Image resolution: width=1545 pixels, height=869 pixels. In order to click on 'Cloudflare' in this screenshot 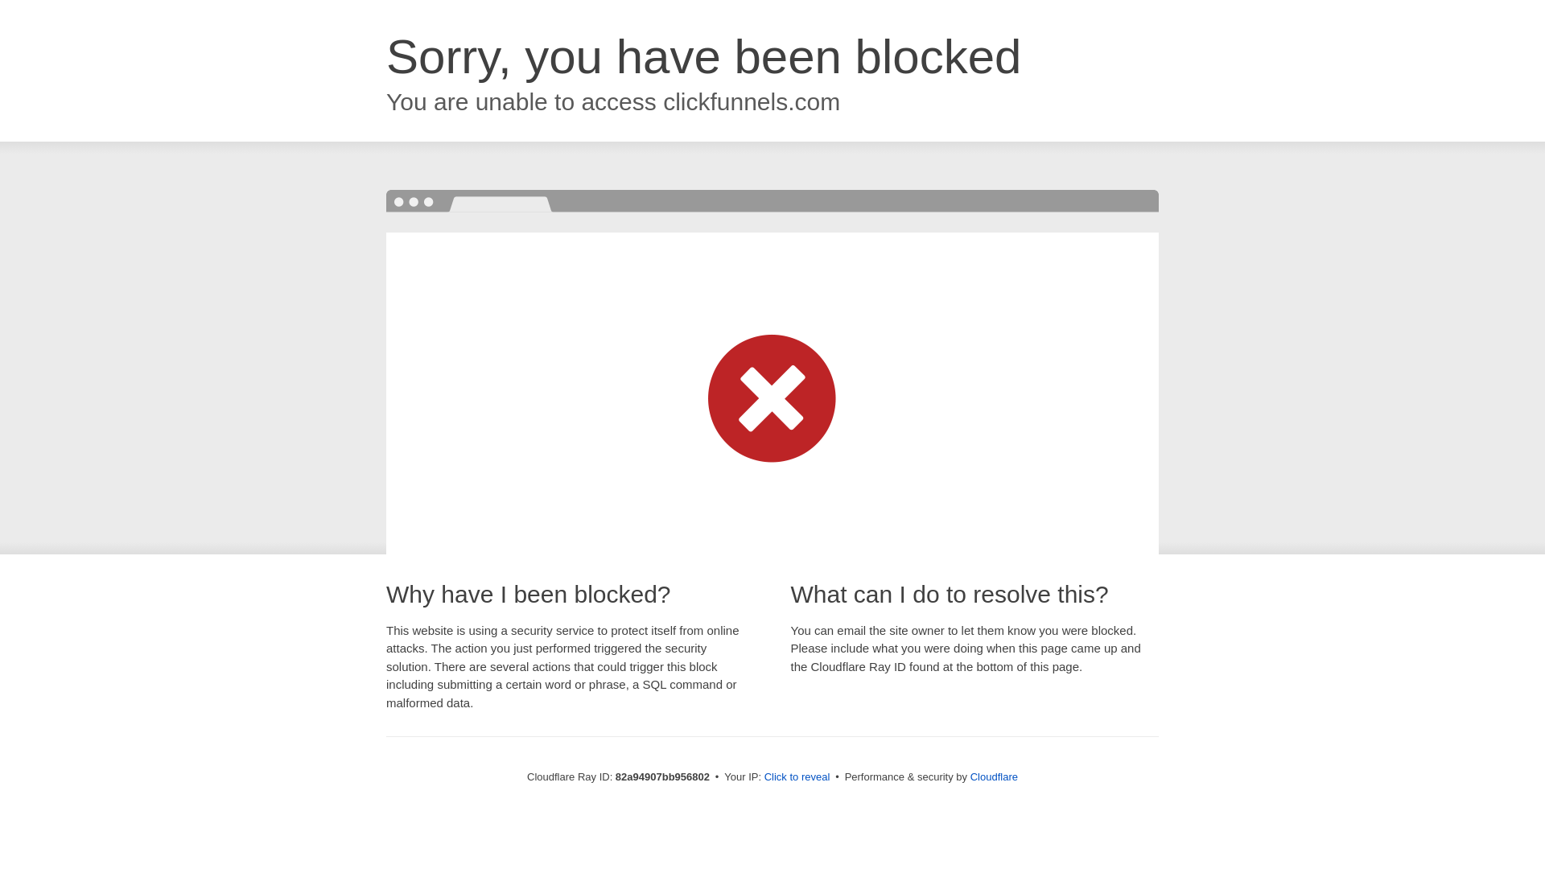, I will do `click(993, 776)`.